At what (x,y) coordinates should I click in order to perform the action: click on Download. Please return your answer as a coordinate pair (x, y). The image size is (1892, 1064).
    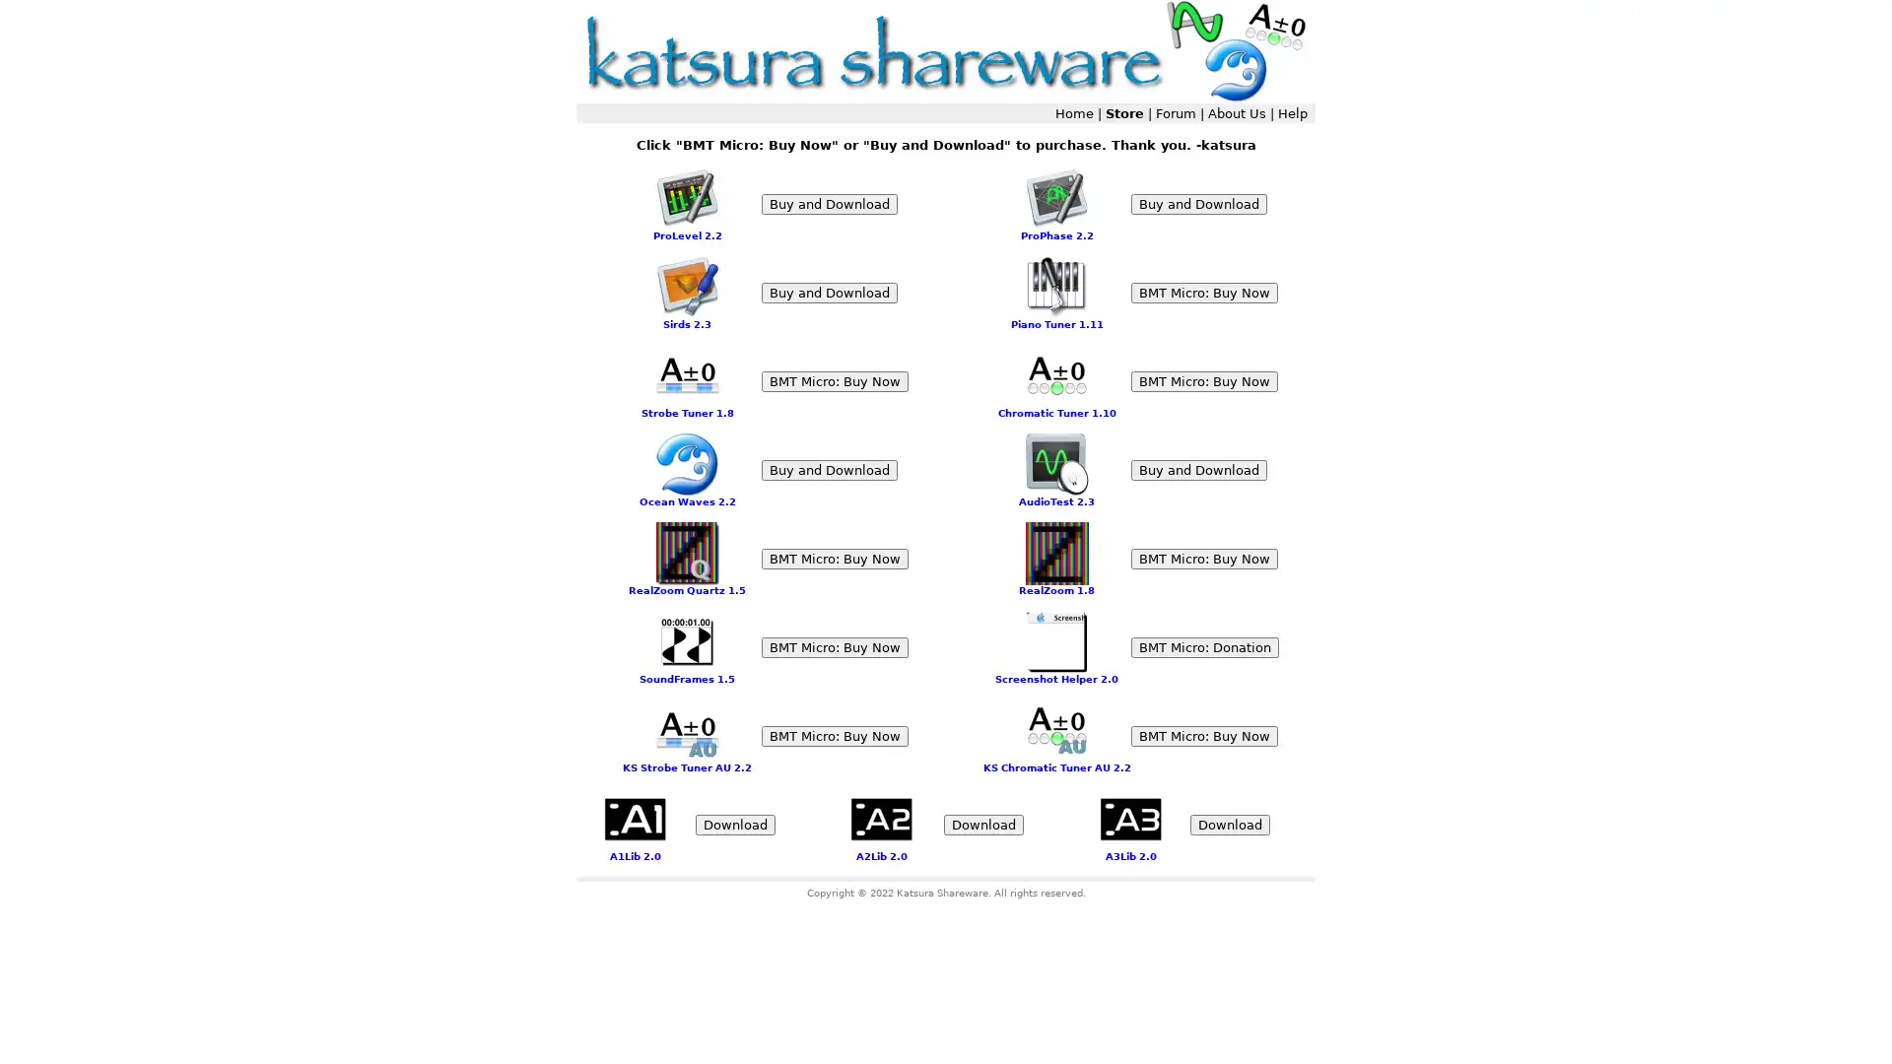
    Looking at the image, I should click on (982, 825).